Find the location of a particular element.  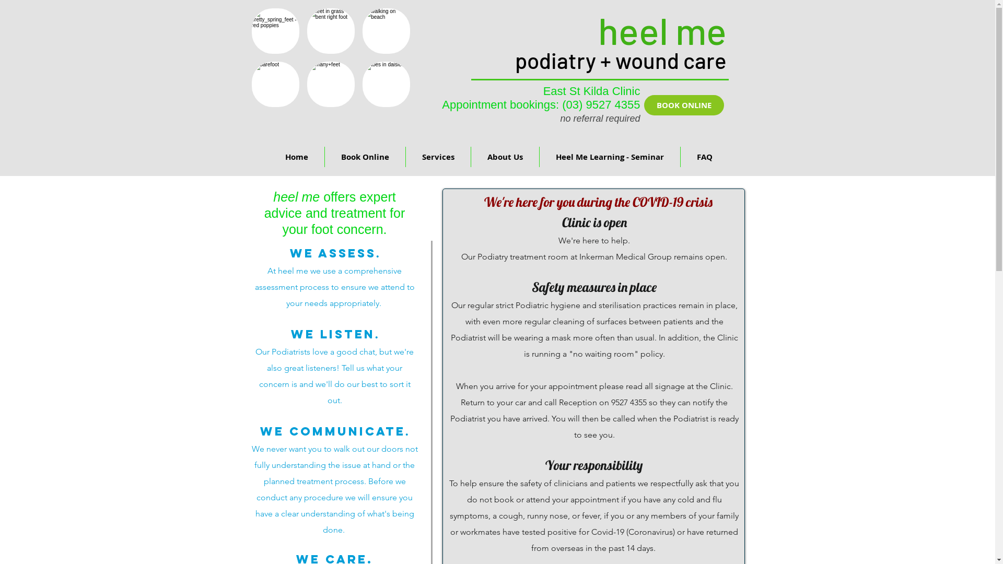

'About Us' is located at coordinates (505, 157).